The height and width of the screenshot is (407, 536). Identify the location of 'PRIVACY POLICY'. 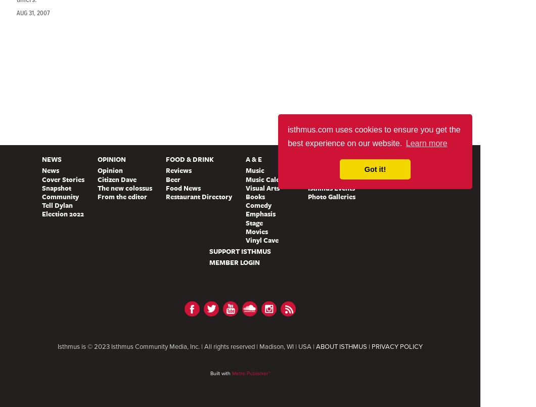
(371, 346).